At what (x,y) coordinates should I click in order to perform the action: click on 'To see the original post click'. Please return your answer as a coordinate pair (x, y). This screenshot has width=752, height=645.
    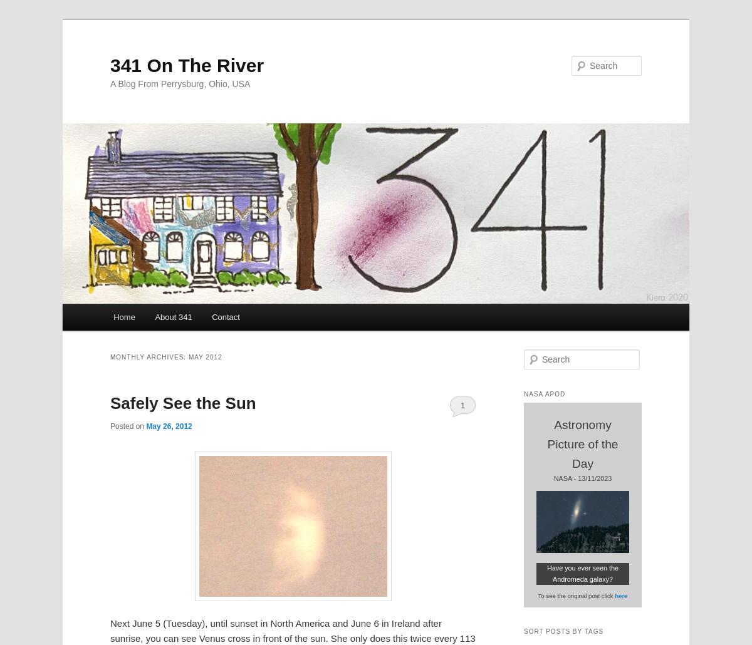
    Looking at the image, I should click on (576, 595).